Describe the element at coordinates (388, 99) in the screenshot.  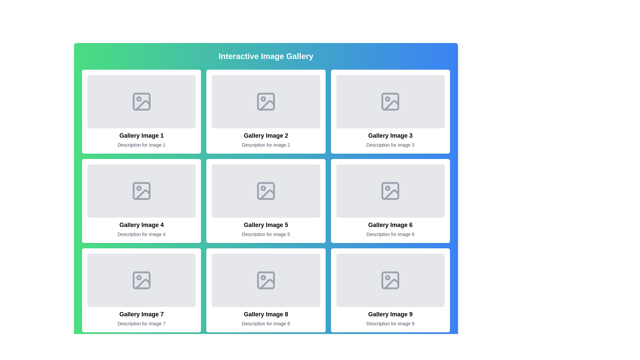
I see `the Decorative icon element (circle) located in the top-right corner of the placeholder icon in Gallery Image 3` at that location.